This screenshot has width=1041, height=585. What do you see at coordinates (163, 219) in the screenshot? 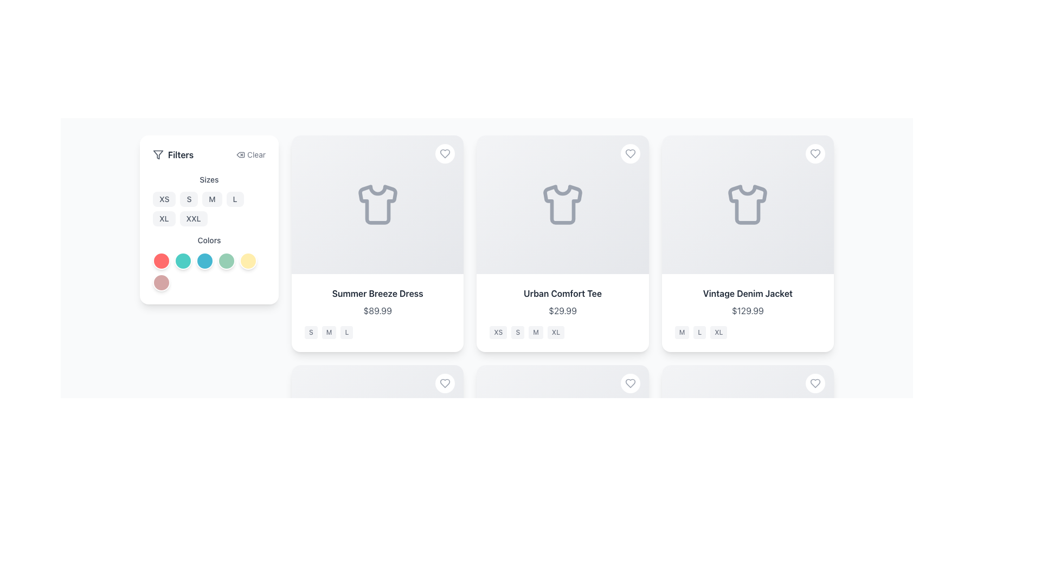
I see `the button labeled 'XL' with rounded corners and a light gray background, located in the 'Sizes' section of the Filters panel` at bounding box center [163, 219].